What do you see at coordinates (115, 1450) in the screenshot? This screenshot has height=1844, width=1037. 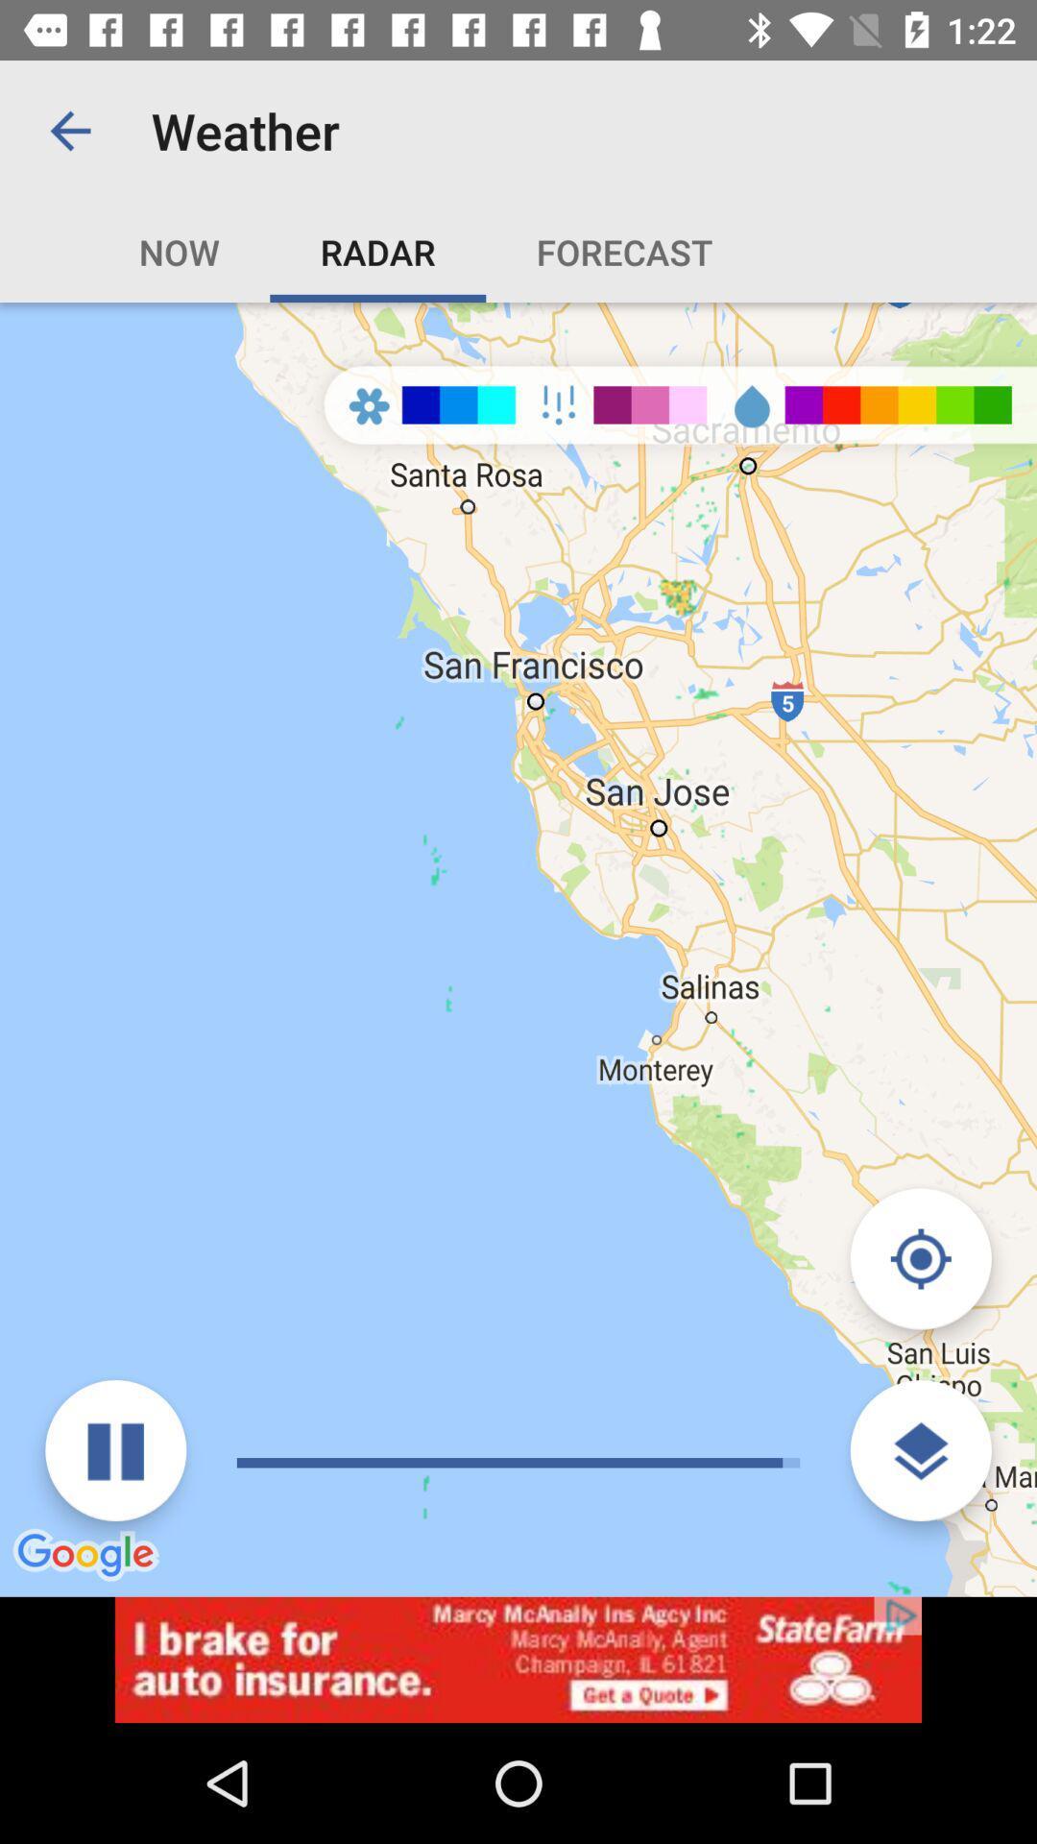 I see `pause video` at bounding box center [115, 1450].